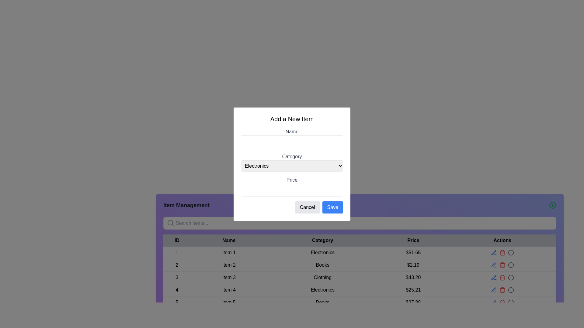 Image resolution: width=584 pixels, height=328 pixels. I want to click on the trash bin icon located, so click(502, 303).